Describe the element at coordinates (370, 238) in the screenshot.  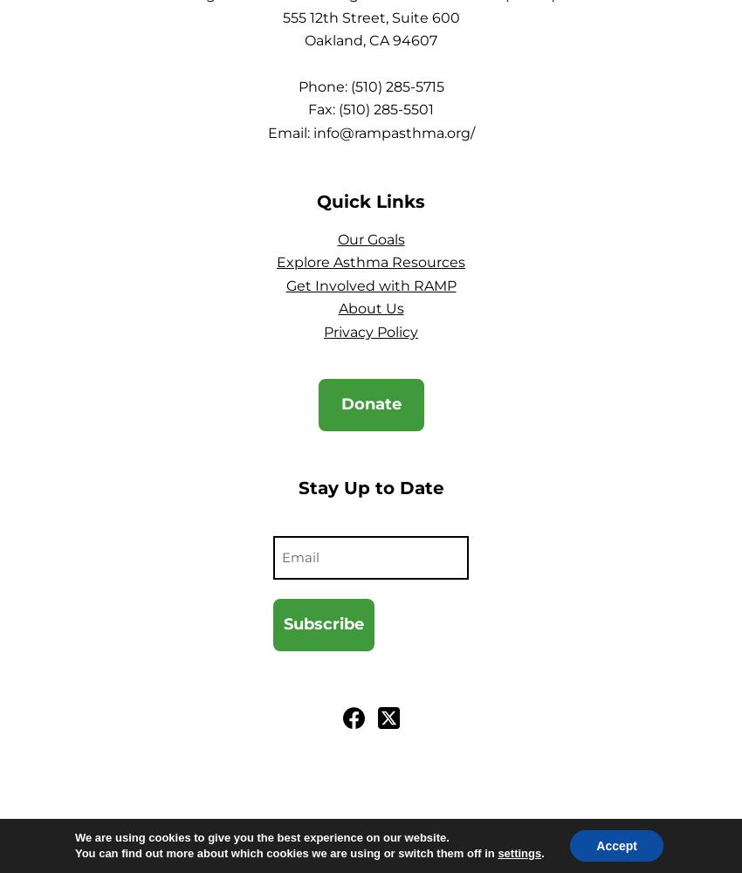
I see `'Our Goals'` at that location.